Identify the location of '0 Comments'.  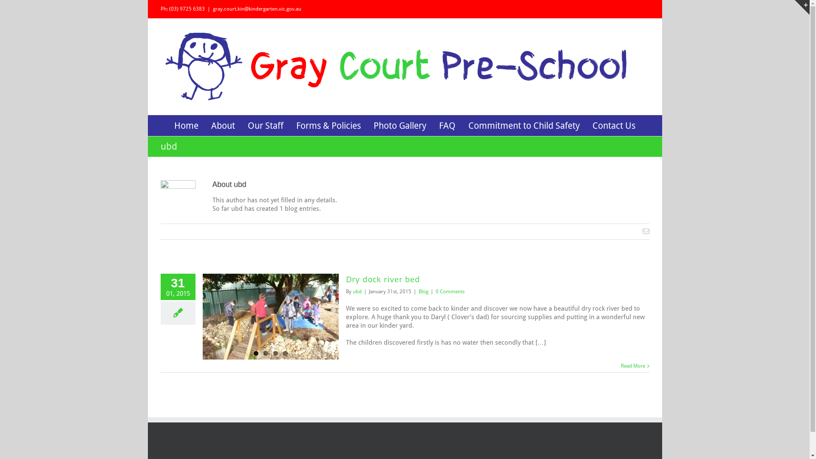
(449, 291).